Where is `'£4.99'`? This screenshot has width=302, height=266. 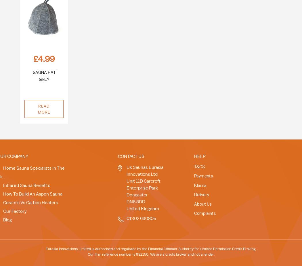 '£4.99' is located at coordinates (44, 59).